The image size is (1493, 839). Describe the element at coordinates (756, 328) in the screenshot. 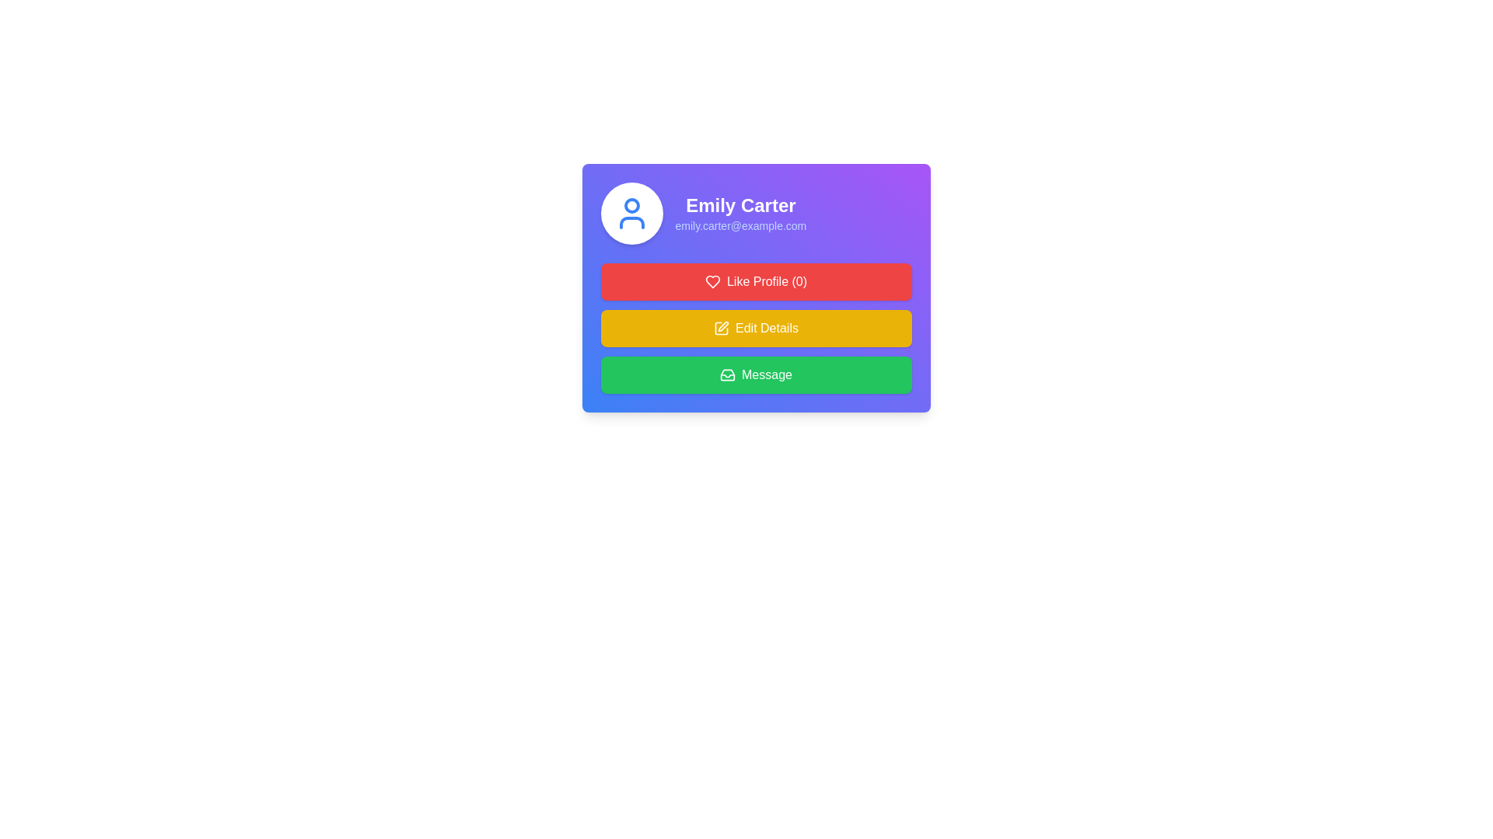

I see `the yellow 'Edit Details' button with a pen icon to initiate editing profile details` at that location.